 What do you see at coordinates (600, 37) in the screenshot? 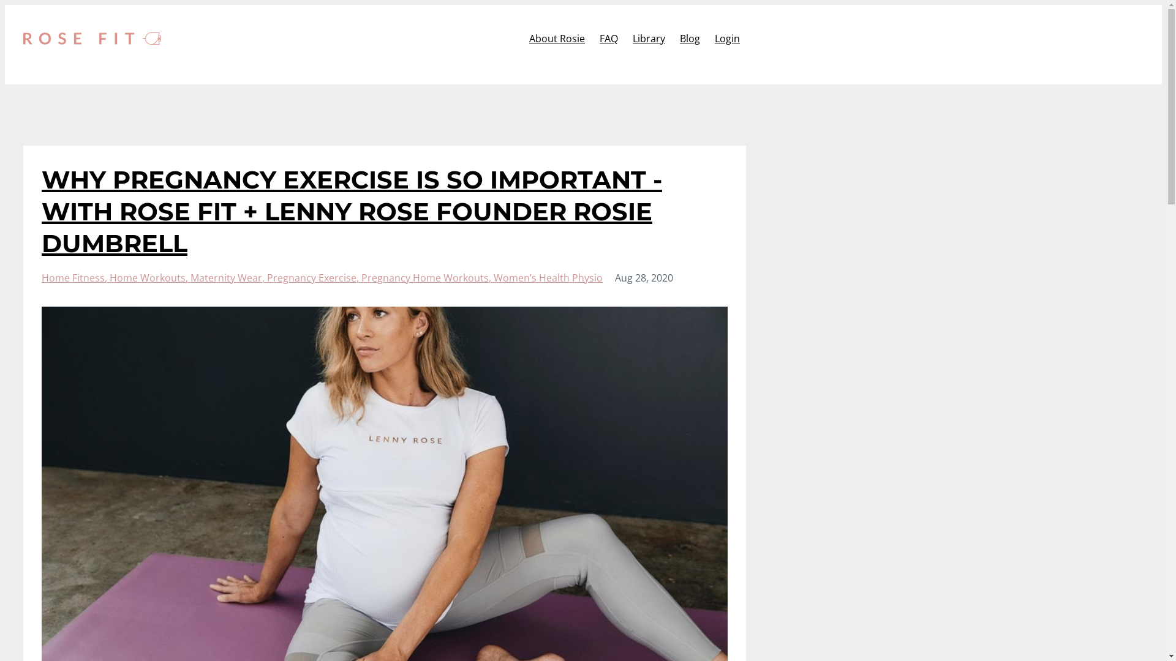
I see `'FAQ'` at bounding box center [600, 37].